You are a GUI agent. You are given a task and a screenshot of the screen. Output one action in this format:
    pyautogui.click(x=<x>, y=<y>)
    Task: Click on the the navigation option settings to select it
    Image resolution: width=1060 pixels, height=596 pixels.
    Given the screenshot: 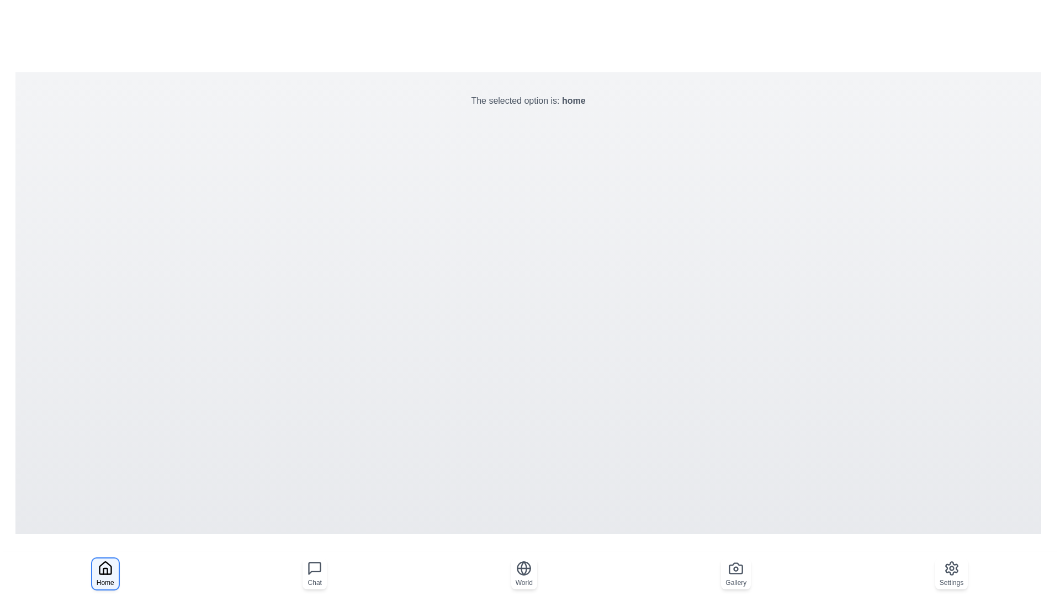 What is the action you would take?
    pyautogui.click(x=951, y=573)
    